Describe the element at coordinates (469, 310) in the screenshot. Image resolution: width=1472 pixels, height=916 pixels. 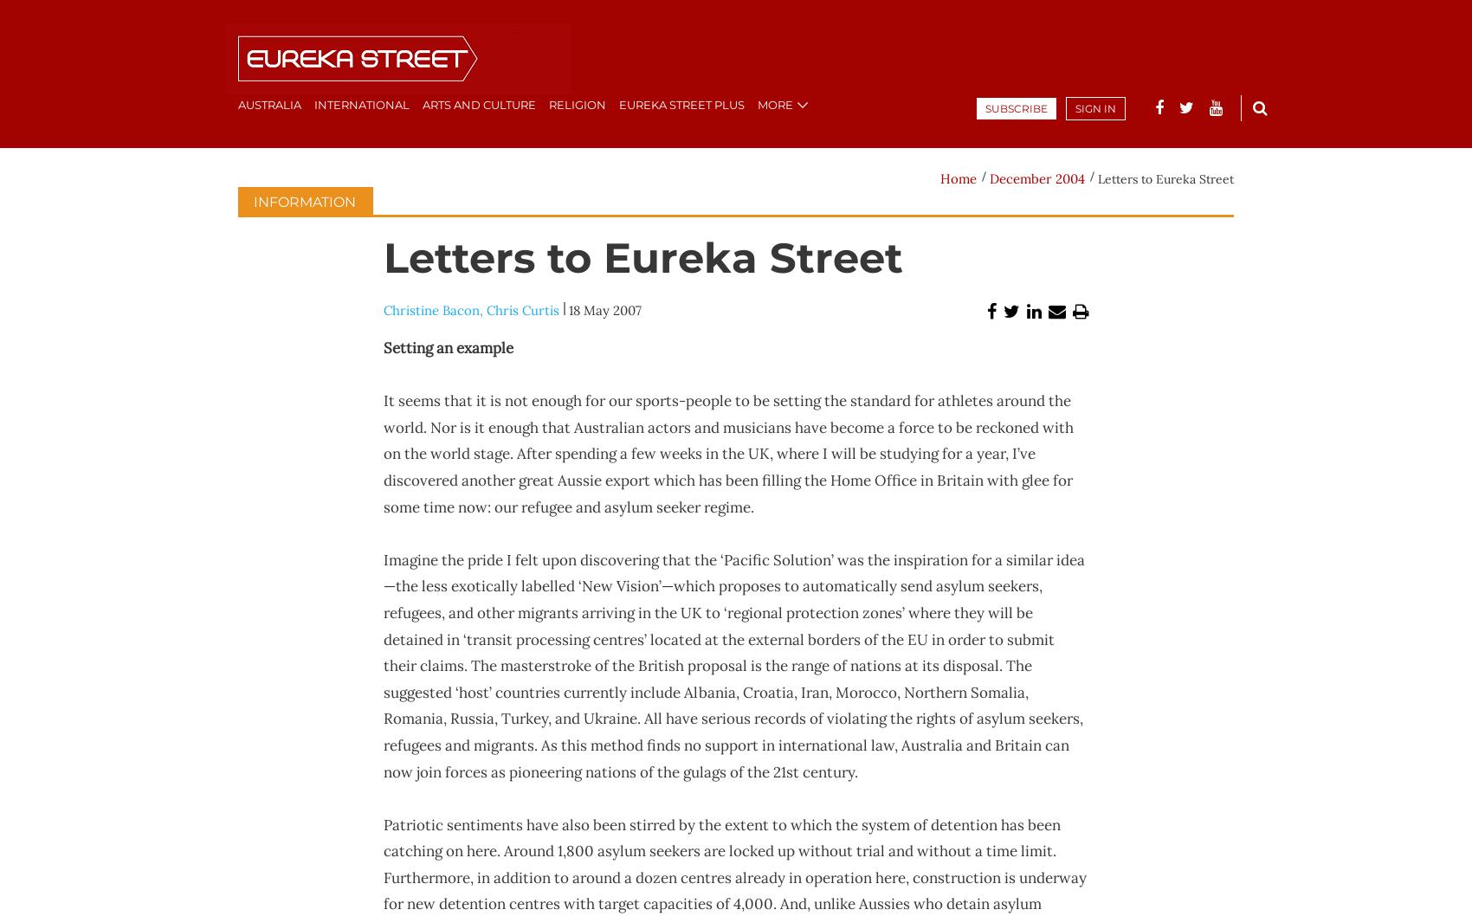
I see `'Christine Bacon, Chris Curtis'` at that location.